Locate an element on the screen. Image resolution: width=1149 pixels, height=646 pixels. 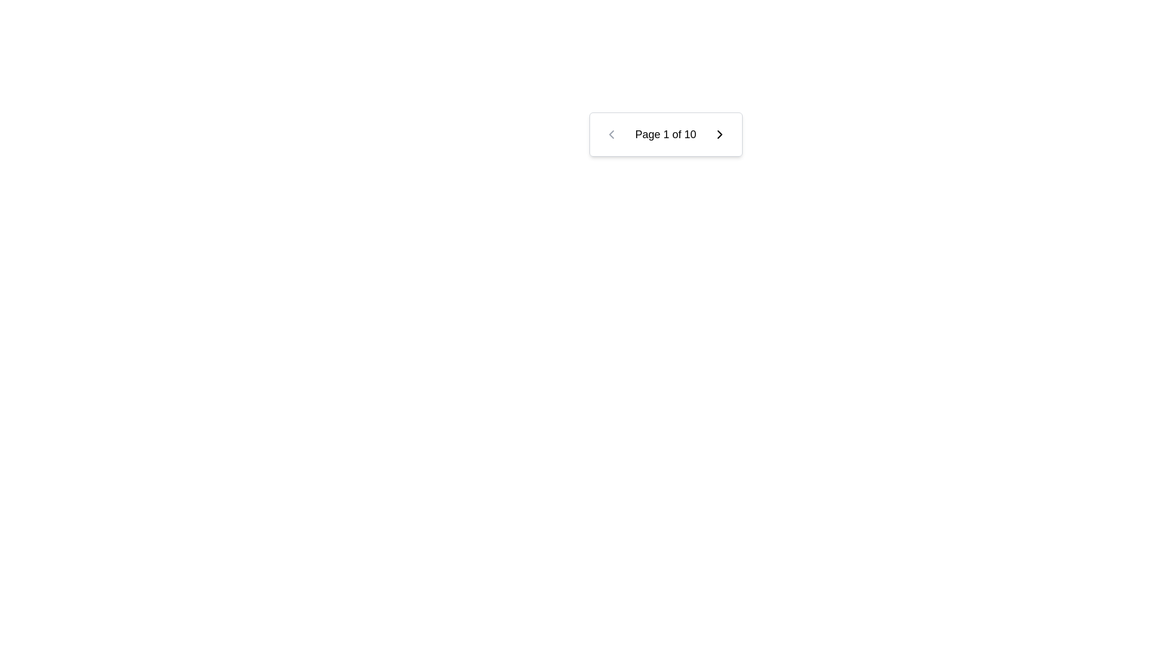
the pagination button that navigates to the next page, located to the right of 'Page 1 of 10' is located at coordinates (719, 134).